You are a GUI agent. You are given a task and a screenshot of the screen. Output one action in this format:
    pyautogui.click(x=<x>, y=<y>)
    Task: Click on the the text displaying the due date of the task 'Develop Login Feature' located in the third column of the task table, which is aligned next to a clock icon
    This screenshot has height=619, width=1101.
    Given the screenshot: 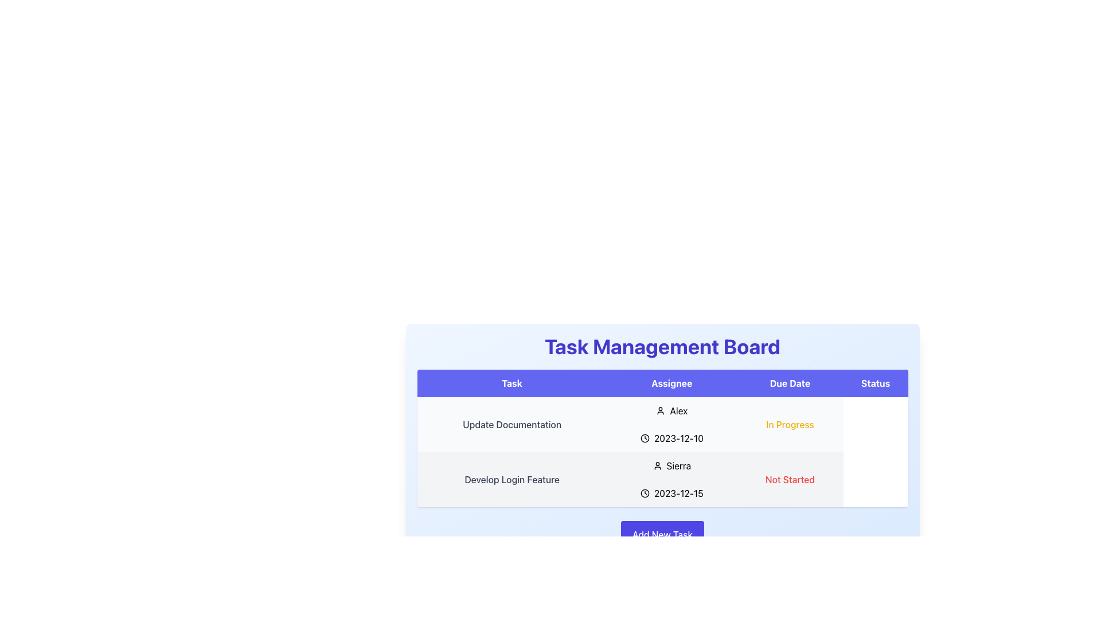 What is the action you would take?
    pyautogui.click(x=678, y=492)
    